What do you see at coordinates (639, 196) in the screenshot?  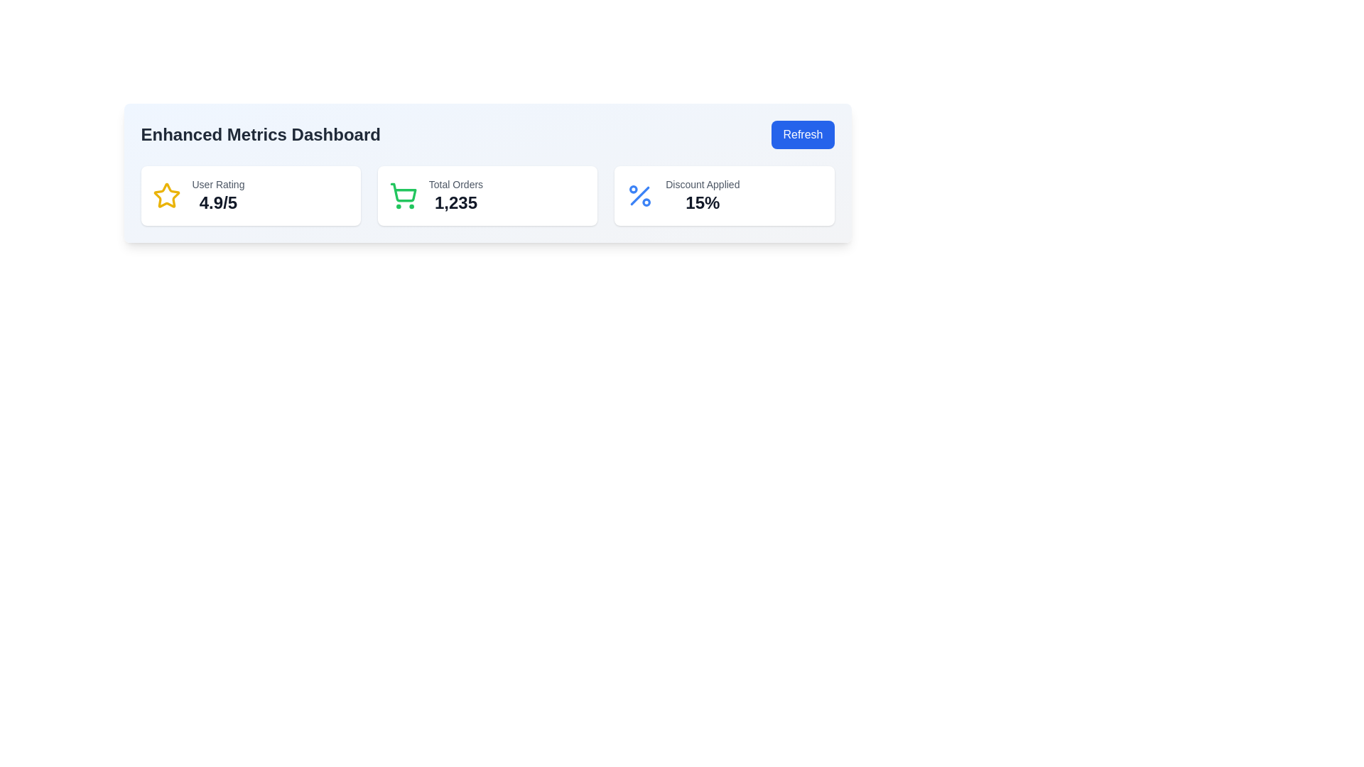 I see `the vibrant blue diagonal line component of the percentage icon located in the 'Discount Applied' section, situated to the right of the 'Total Orders' section` at bounding box center [639, 196].